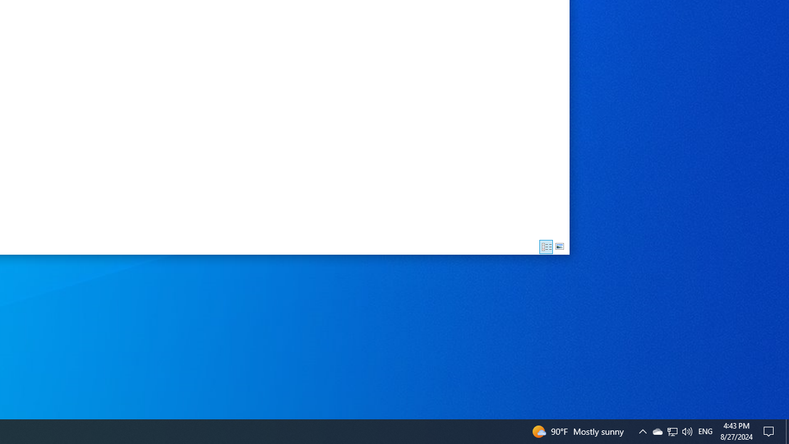  I want to click on 'Large Icons', so click(559, 247).